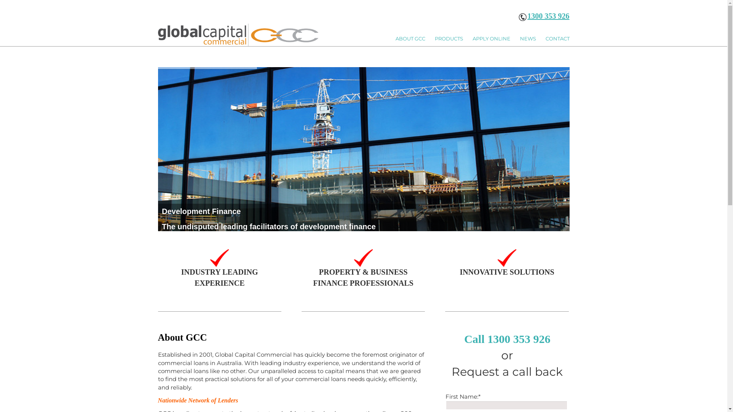 Image resolution: width=733 pixels, height=412 pixels. I want to click on 'NEWS', so click(532, 38).